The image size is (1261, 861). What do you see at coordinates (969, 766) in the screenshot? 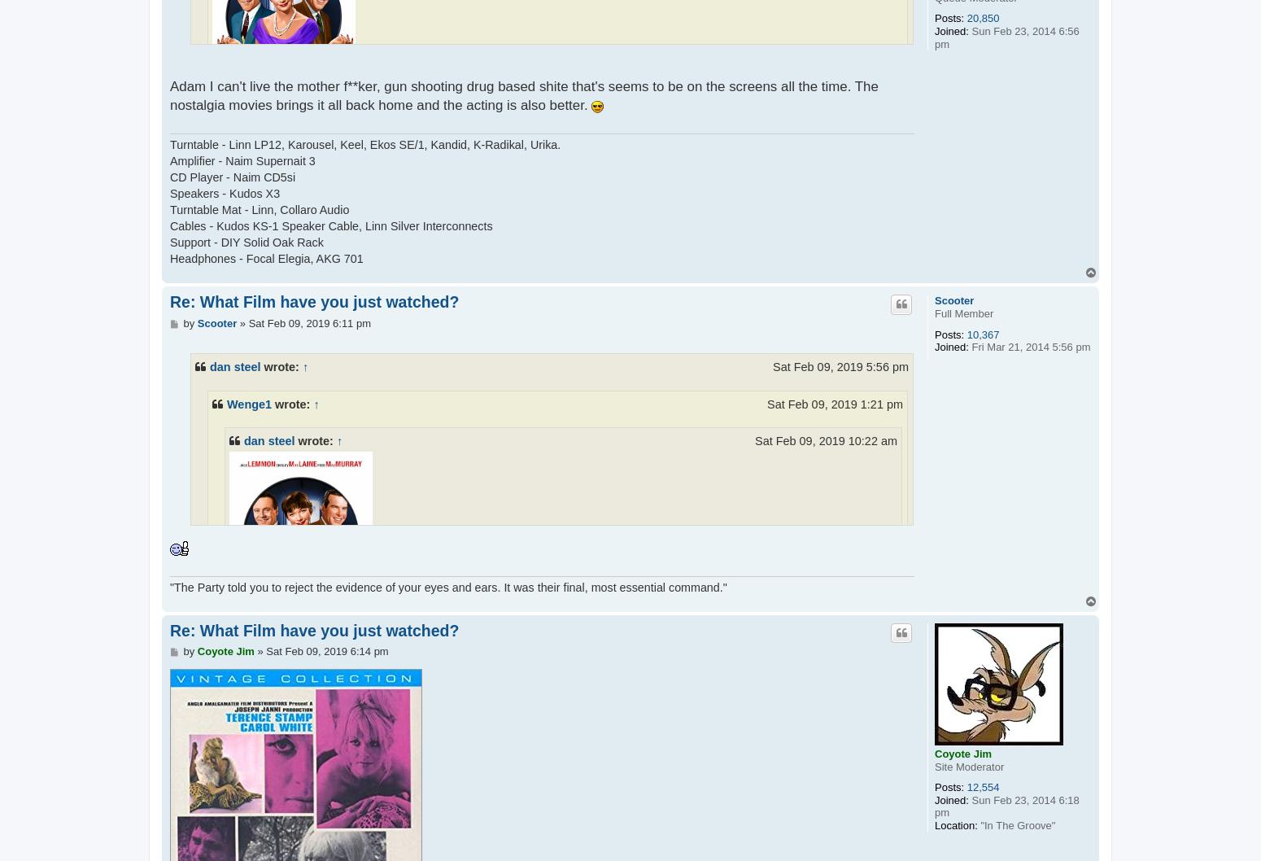
I see `'Site Moderator'` at bounding box center [969, 766].